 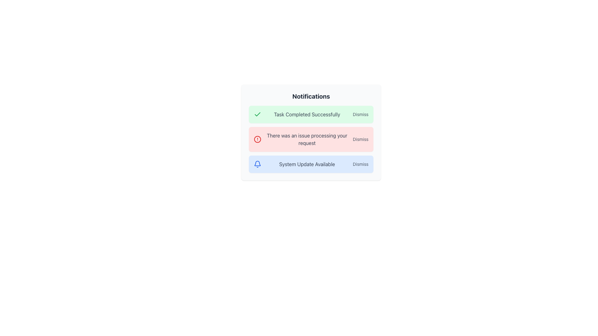 What do you see at coordinates (257, 139) in the screenshot?
I see `the Alert icon located to the left of the notification message 'There was an issue processing your request', which is positioned above the third notification in the vertically stacked list` at bounding box center [257, 139].